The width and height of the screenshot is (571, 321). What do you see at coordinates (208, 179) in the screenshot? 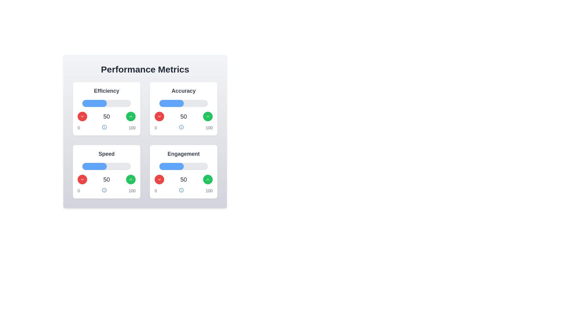
I see `the interactive button located in the bottom-right section of the 'Engagement' card` at bounding box center [208, 179].